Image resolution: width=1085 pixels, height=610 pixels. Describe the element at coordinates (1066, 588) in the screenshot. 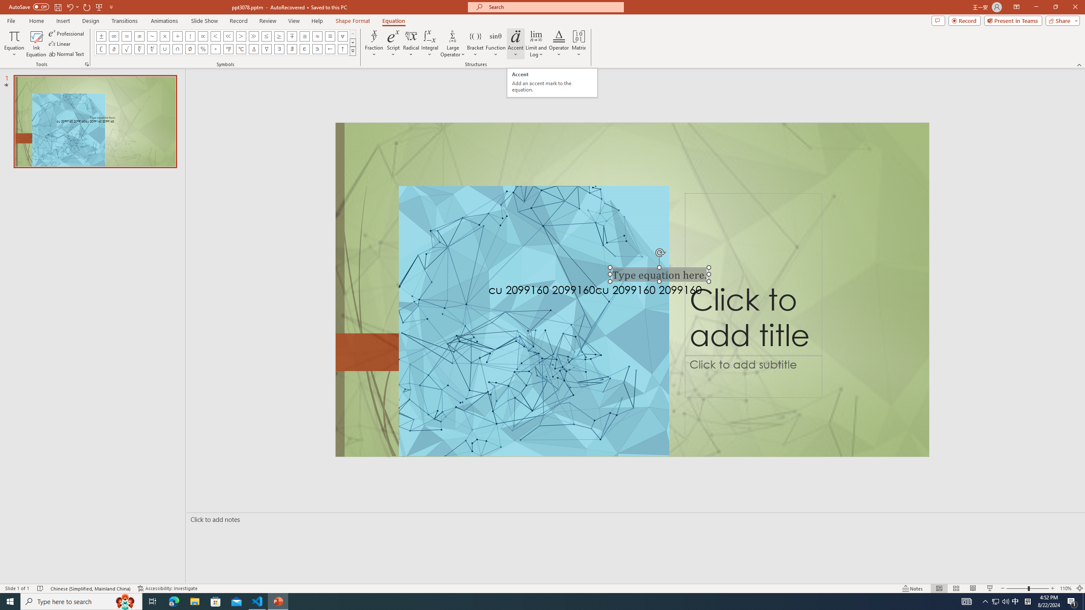

I see `'Zoom 110%'` at that location.